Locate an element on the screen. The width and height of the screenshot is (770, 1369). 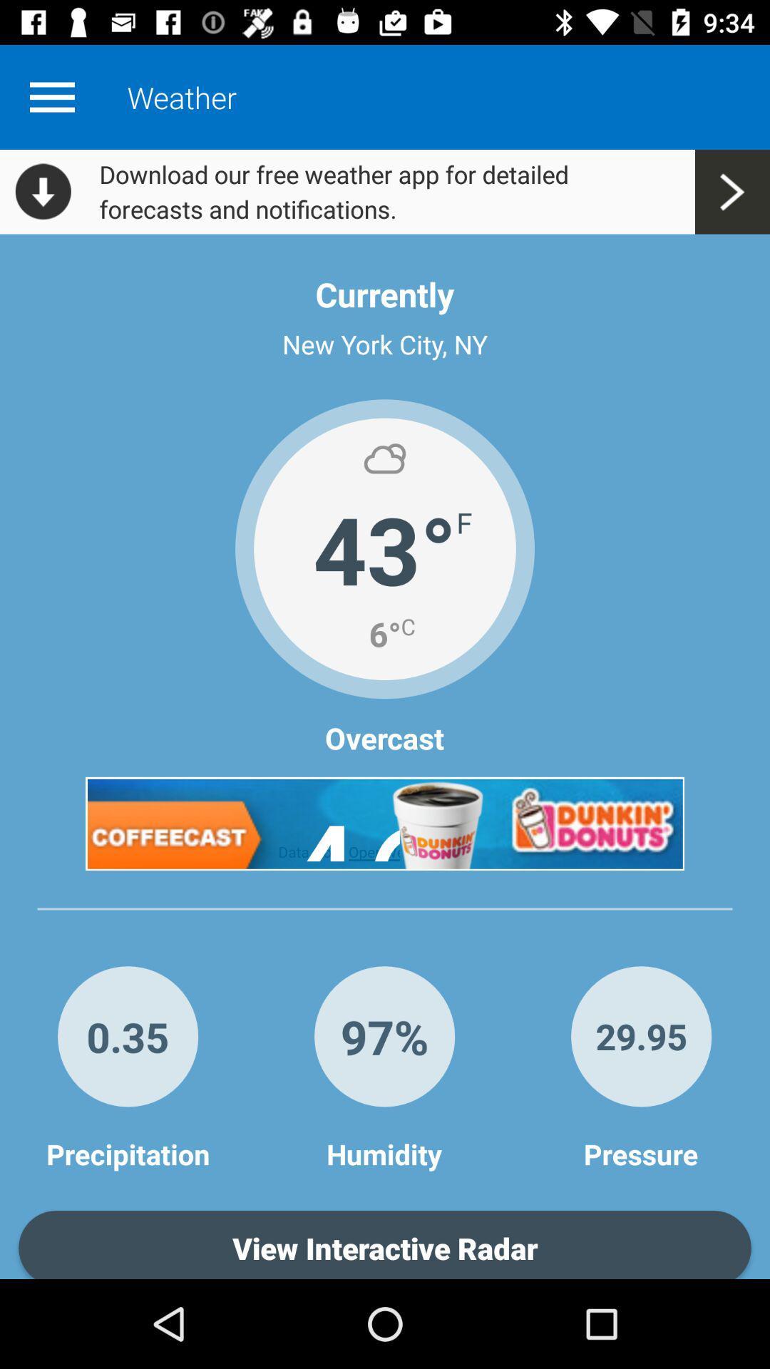
click on the advertisement is located at coordinates (385, 824).